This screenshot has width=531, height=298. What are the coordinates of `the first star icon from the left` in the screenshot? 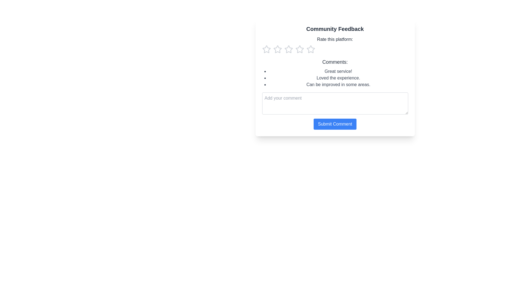 It's located at (277, 49).